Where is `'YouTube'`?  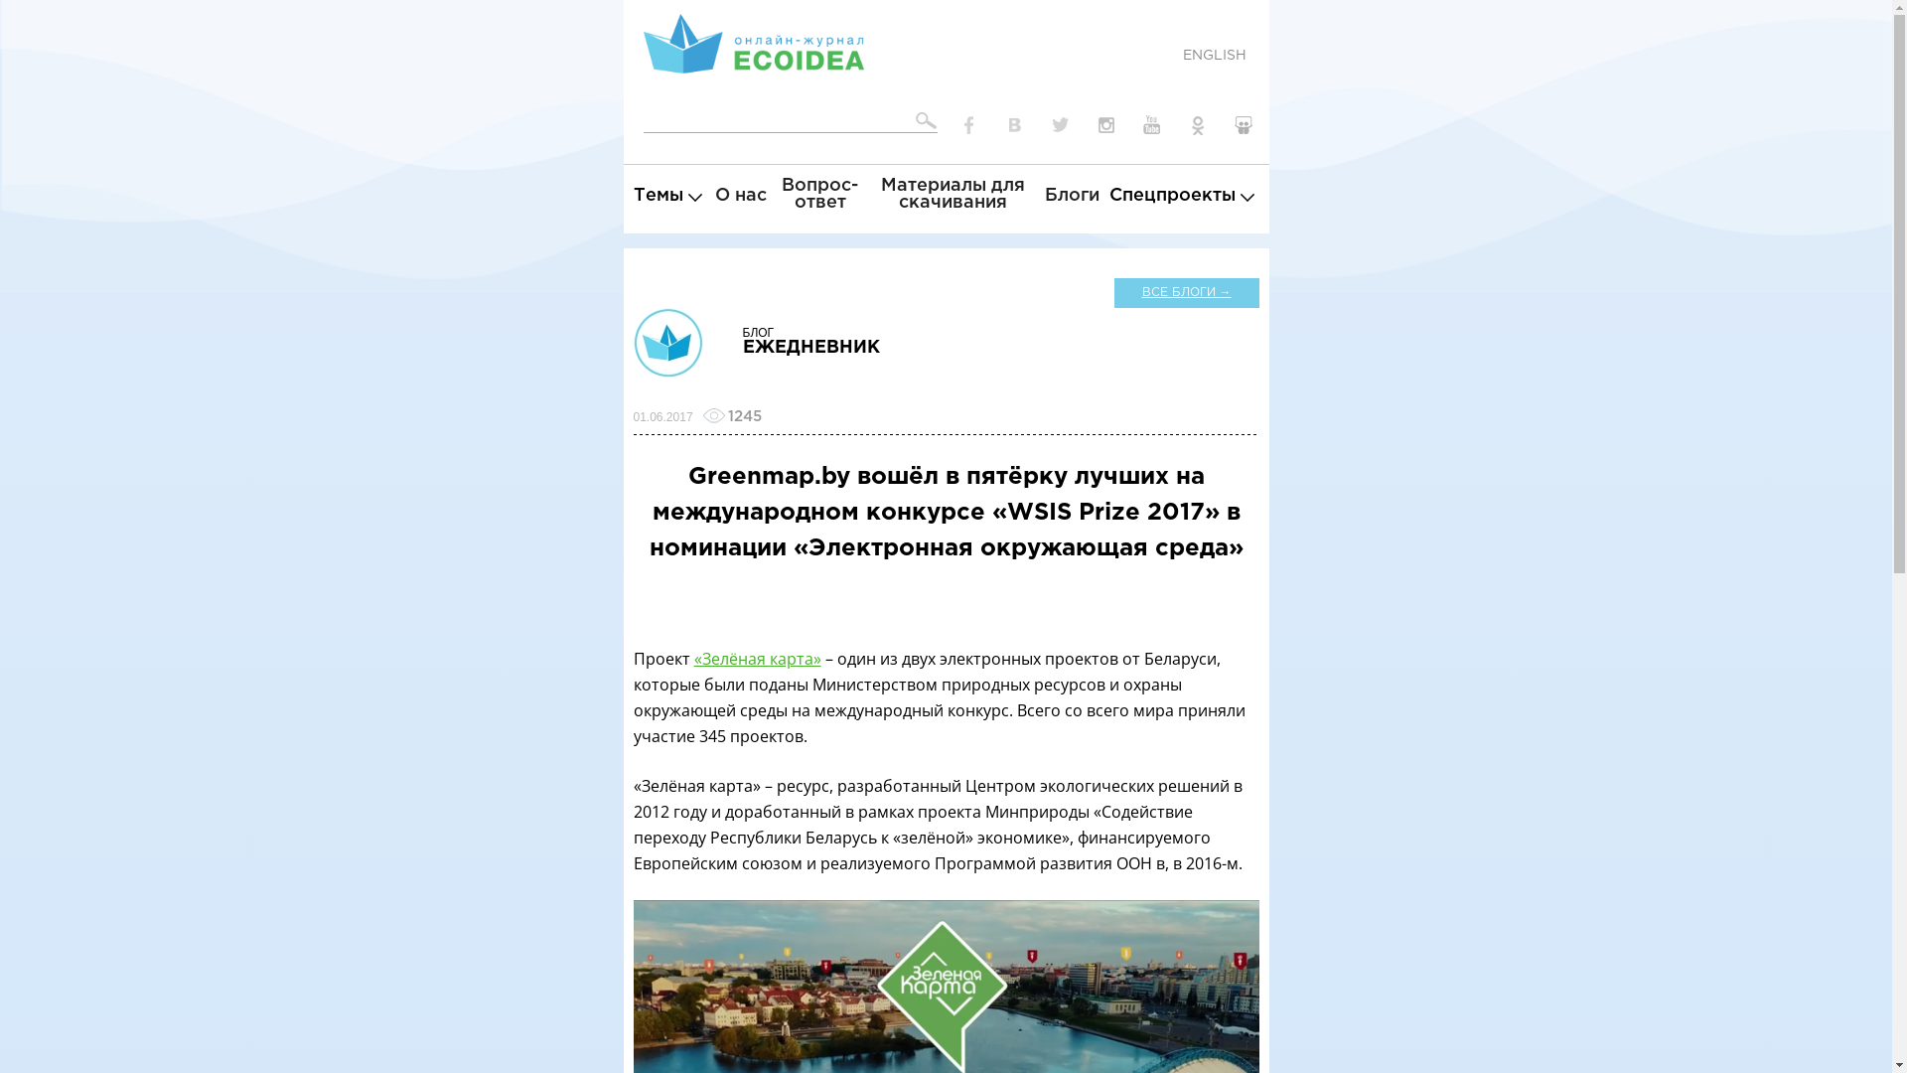 'YouTube' is located at coordinates (1152, 125).